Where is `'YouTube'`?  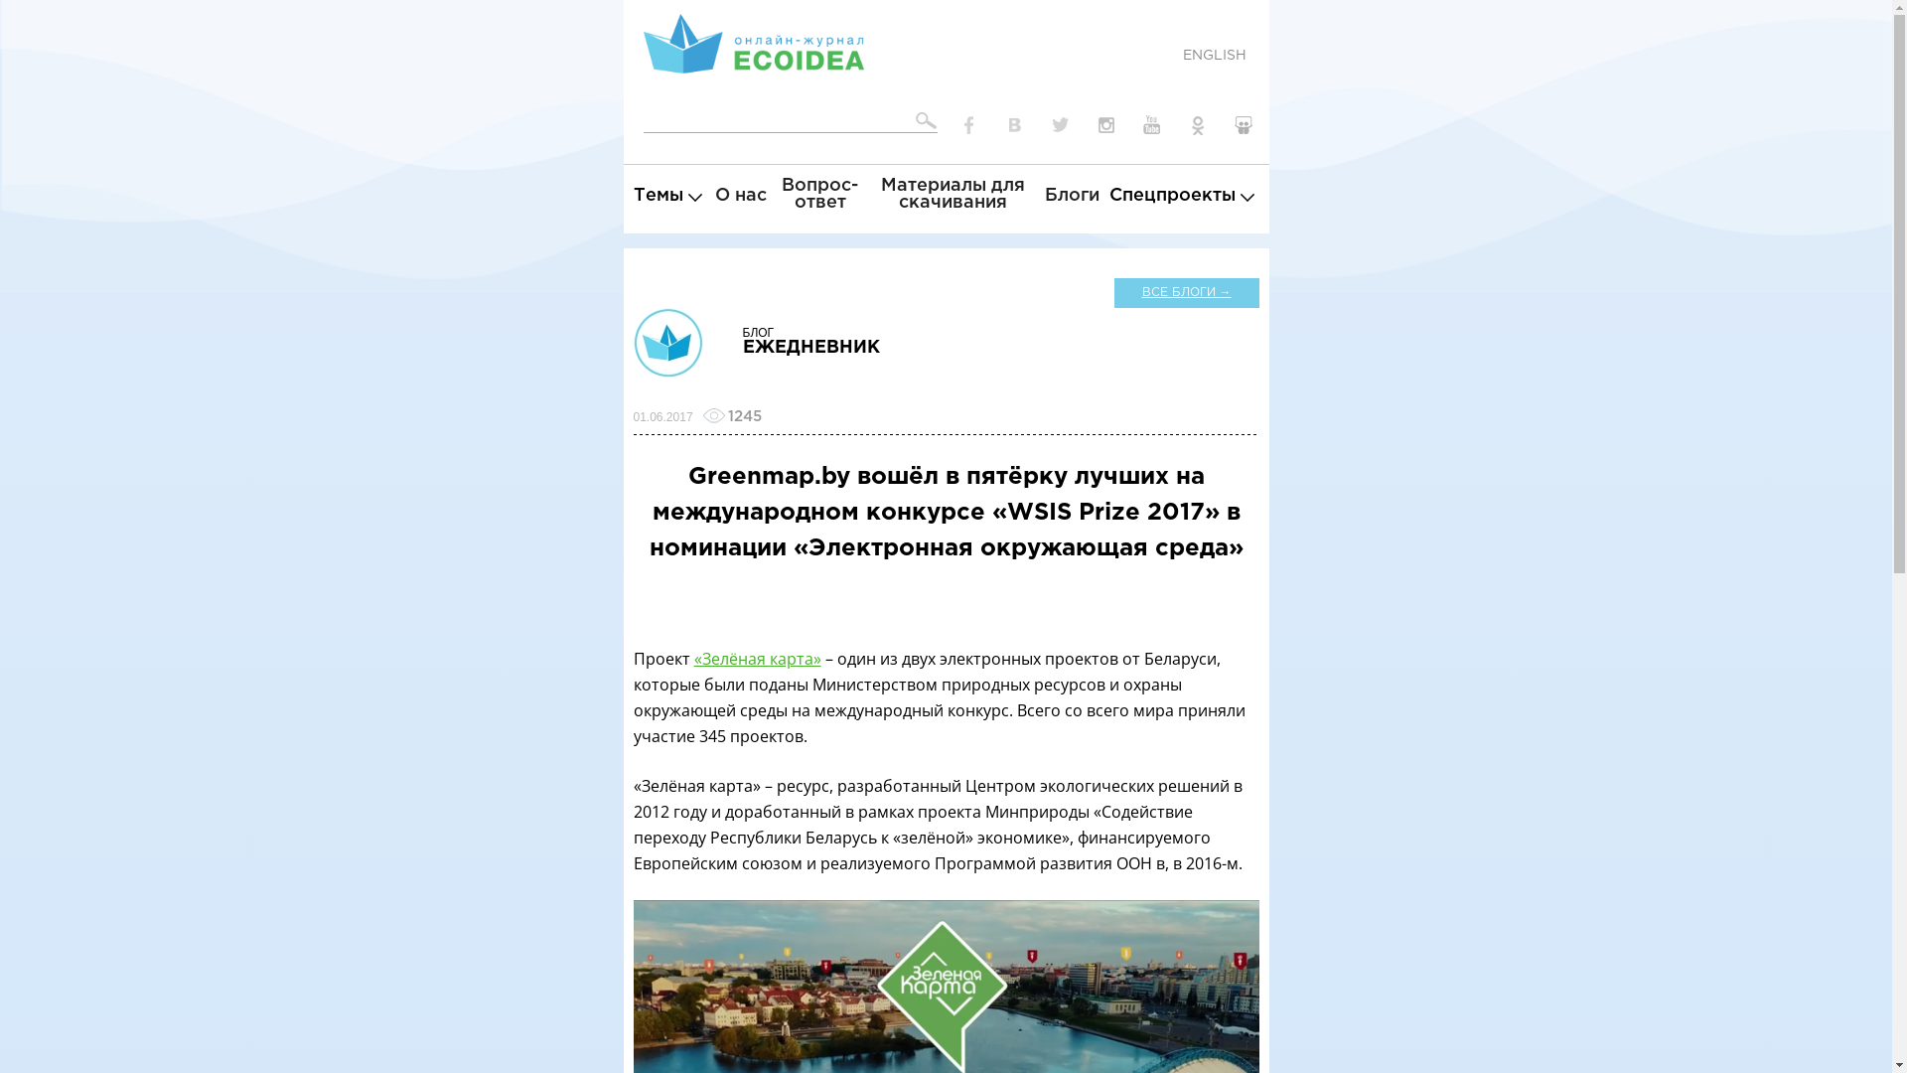 'YouTube' is located at coordinates (1152, 125).